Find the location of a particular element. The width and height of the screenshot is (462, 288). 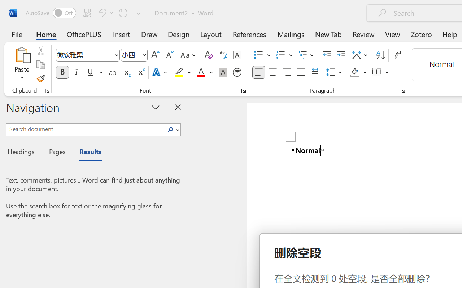

'Center' is located at coordinates (273, 72).